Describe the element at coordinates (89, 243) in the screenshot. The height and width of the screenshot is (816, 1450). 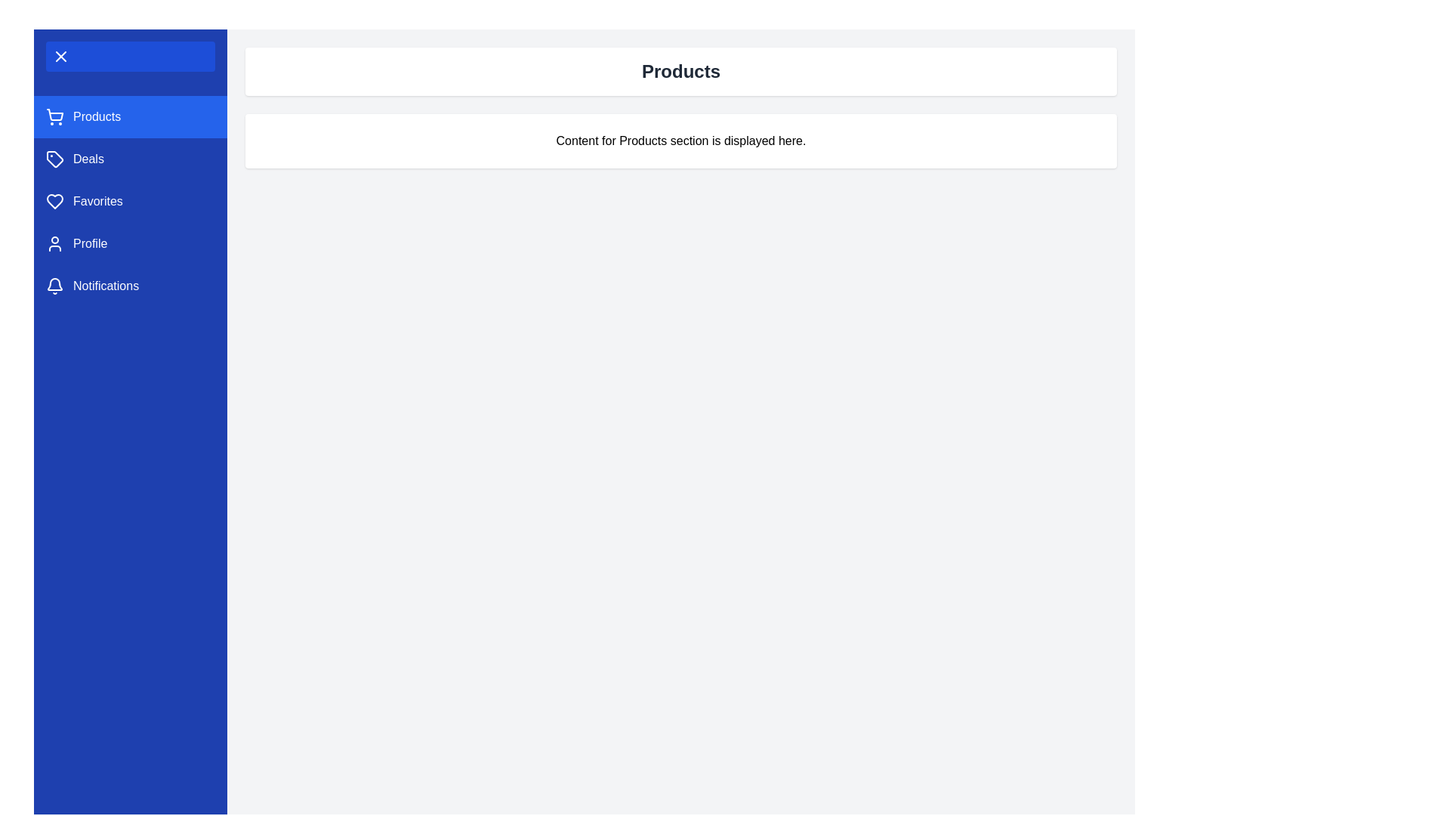
I see `information displayed on the 'Profile' text label, which is styled in white color on a blue background and is part of the vertical navigation menu` at that location.